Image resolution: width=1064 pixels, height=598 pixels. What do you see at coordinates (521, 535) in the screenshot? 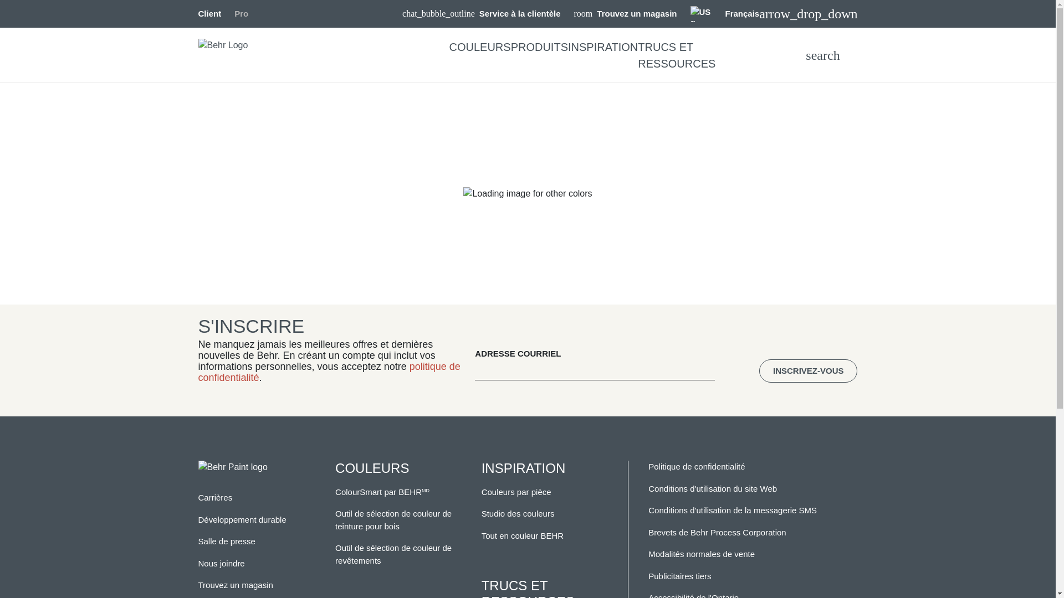
I see `'Tout en couleur BEHR'` at bounding box center [521, 535].